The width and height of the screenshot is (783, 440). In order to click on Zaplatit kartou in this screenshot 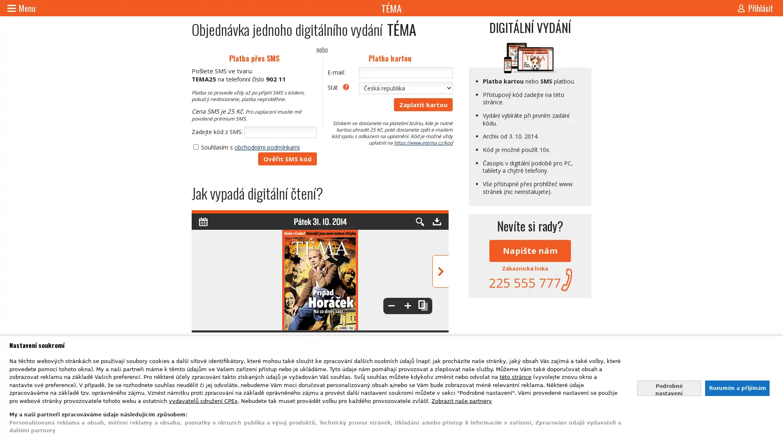, I will do `click(423, 103)`.